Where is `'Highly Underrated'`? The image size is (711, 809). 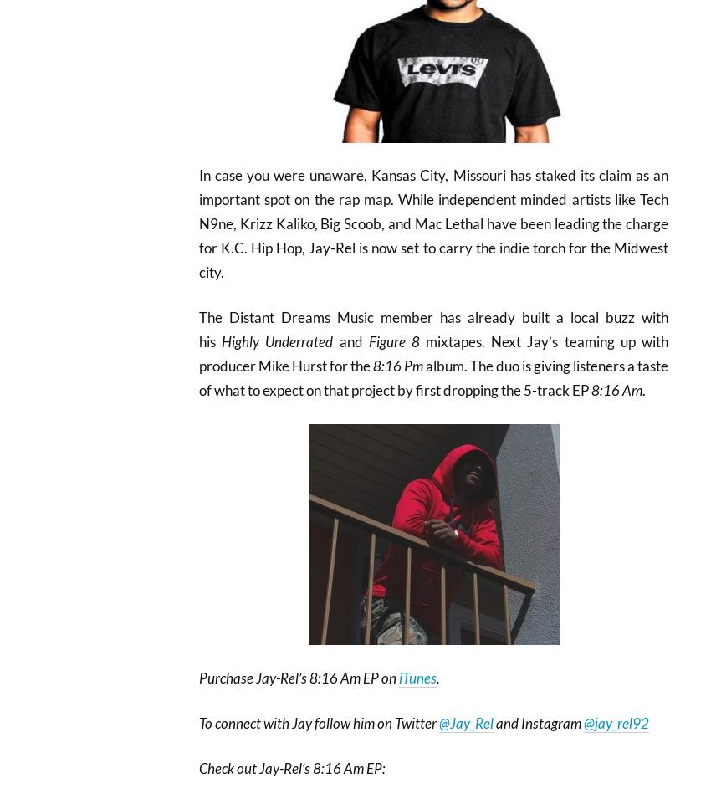
'Highly Underrated' is located at coordinates (277, 341).